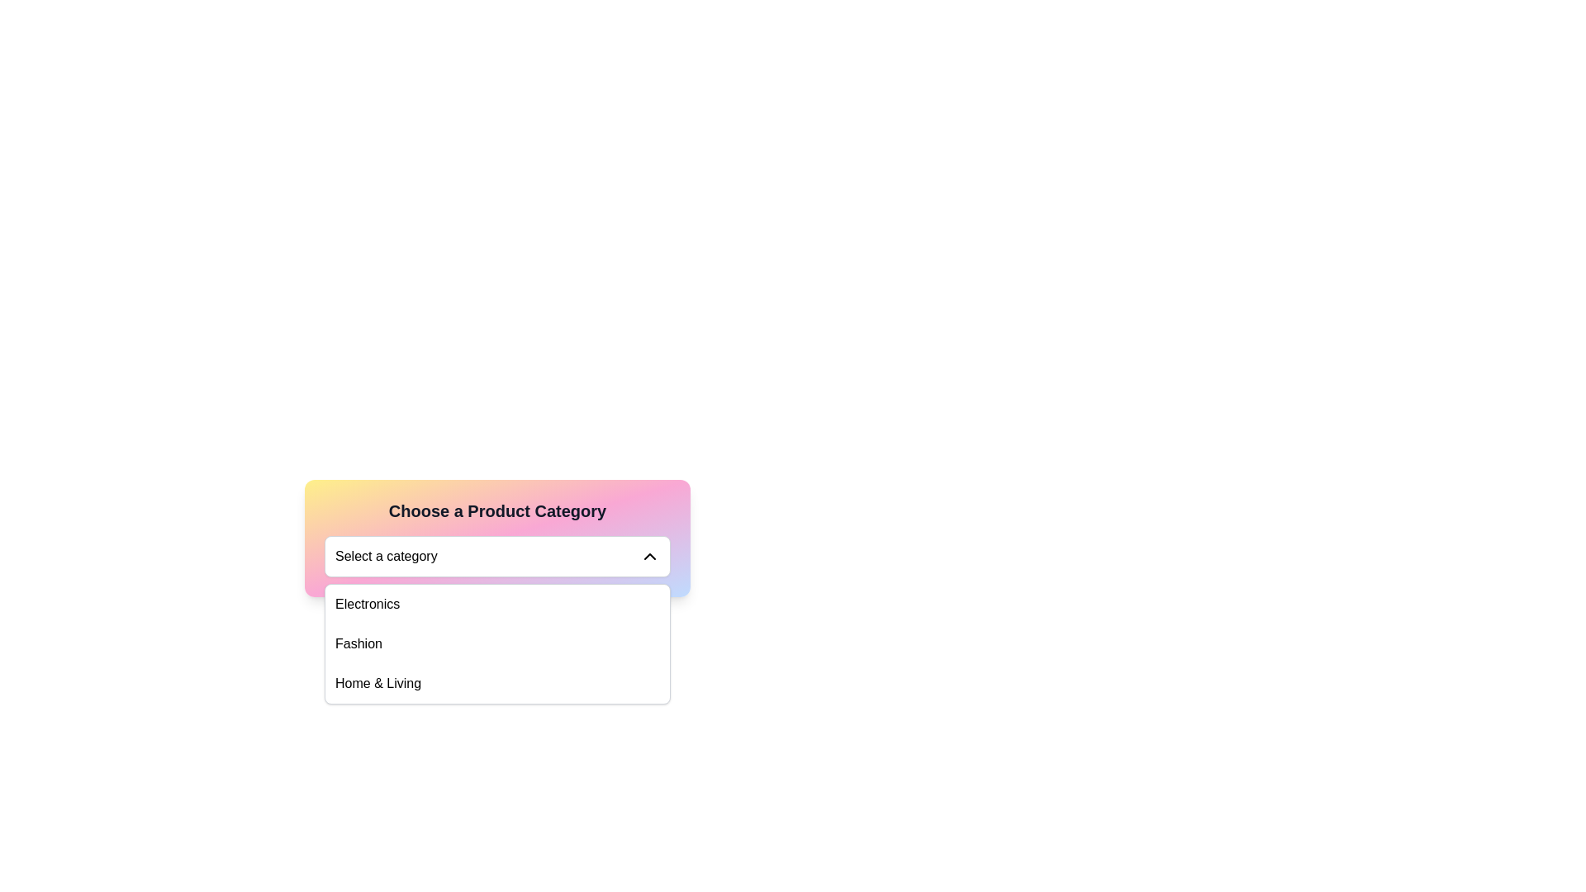  I want to click on the 'Home & Living' dropdown menu item, which is the third option in the 'Choose a Product Category' section, so click(378, 684).